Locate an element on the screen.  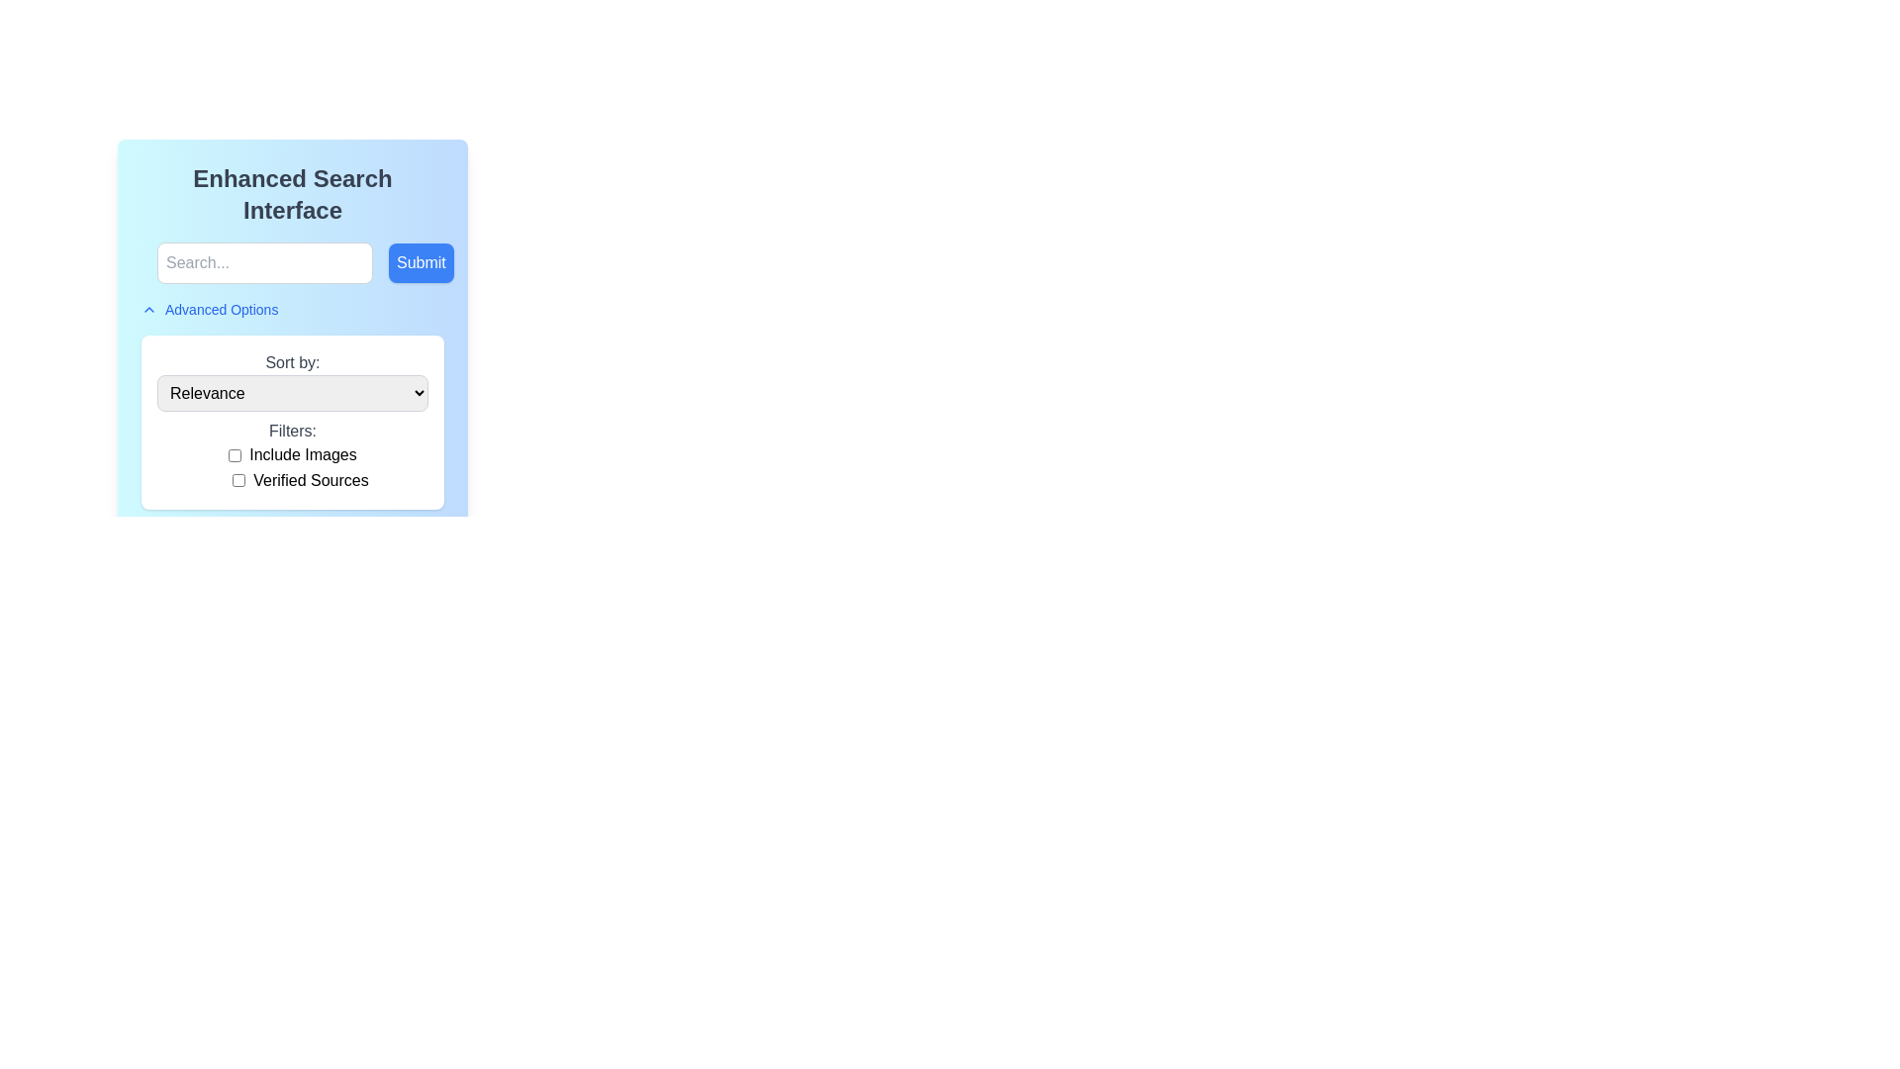
the 'Include Images' text label, which is styled with black text and located to the right of a checkbox in the 'Filters' section beneath the 'Sort by:' dropdown is located at coordinates (302, 454).